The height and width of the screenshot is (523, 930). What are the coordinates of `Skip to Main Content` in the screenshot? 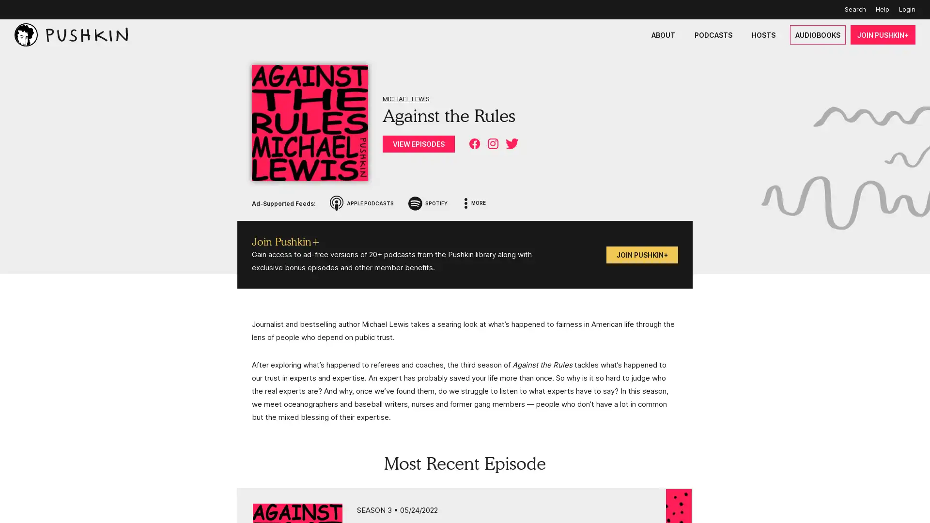 It's located at (10, 10).